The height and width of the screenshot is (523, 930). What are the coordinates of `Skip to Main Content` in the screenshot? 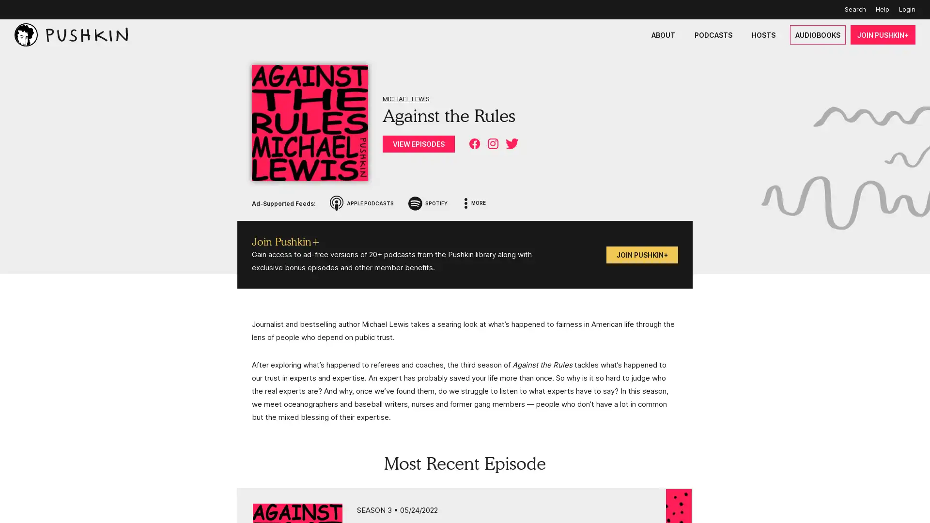 It's located at (10, 10).